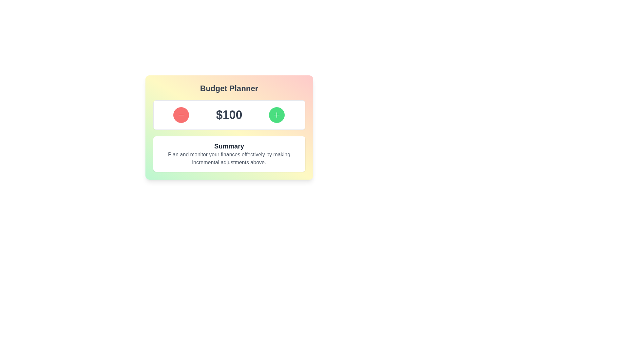 The height and width of the screenshot is (354, 629). What do you see at coordinates (277, 115) in the screenshot?
I see `the '+' button in the top-right corner of the budget interface to increase the value` at bounding box center [277, 115].